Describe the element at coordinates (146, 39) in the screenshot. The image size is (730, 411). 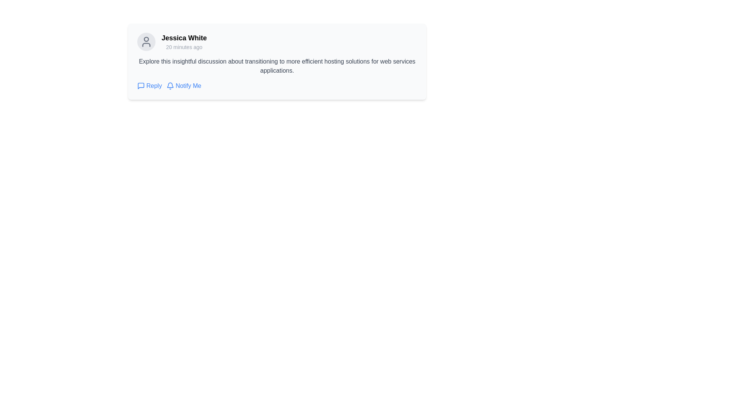
I see `the circular graphic element located at the top of the user comment block, which is part of the profile picture icon` at that location.